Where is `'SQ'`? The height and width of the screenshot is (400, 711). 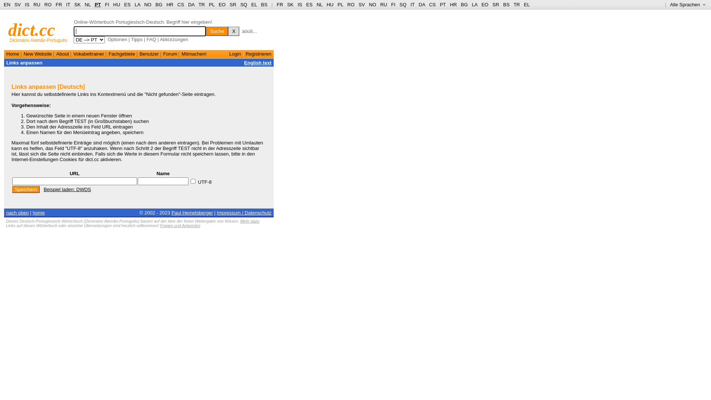 'SQ' is located at coordinates (244, 4).